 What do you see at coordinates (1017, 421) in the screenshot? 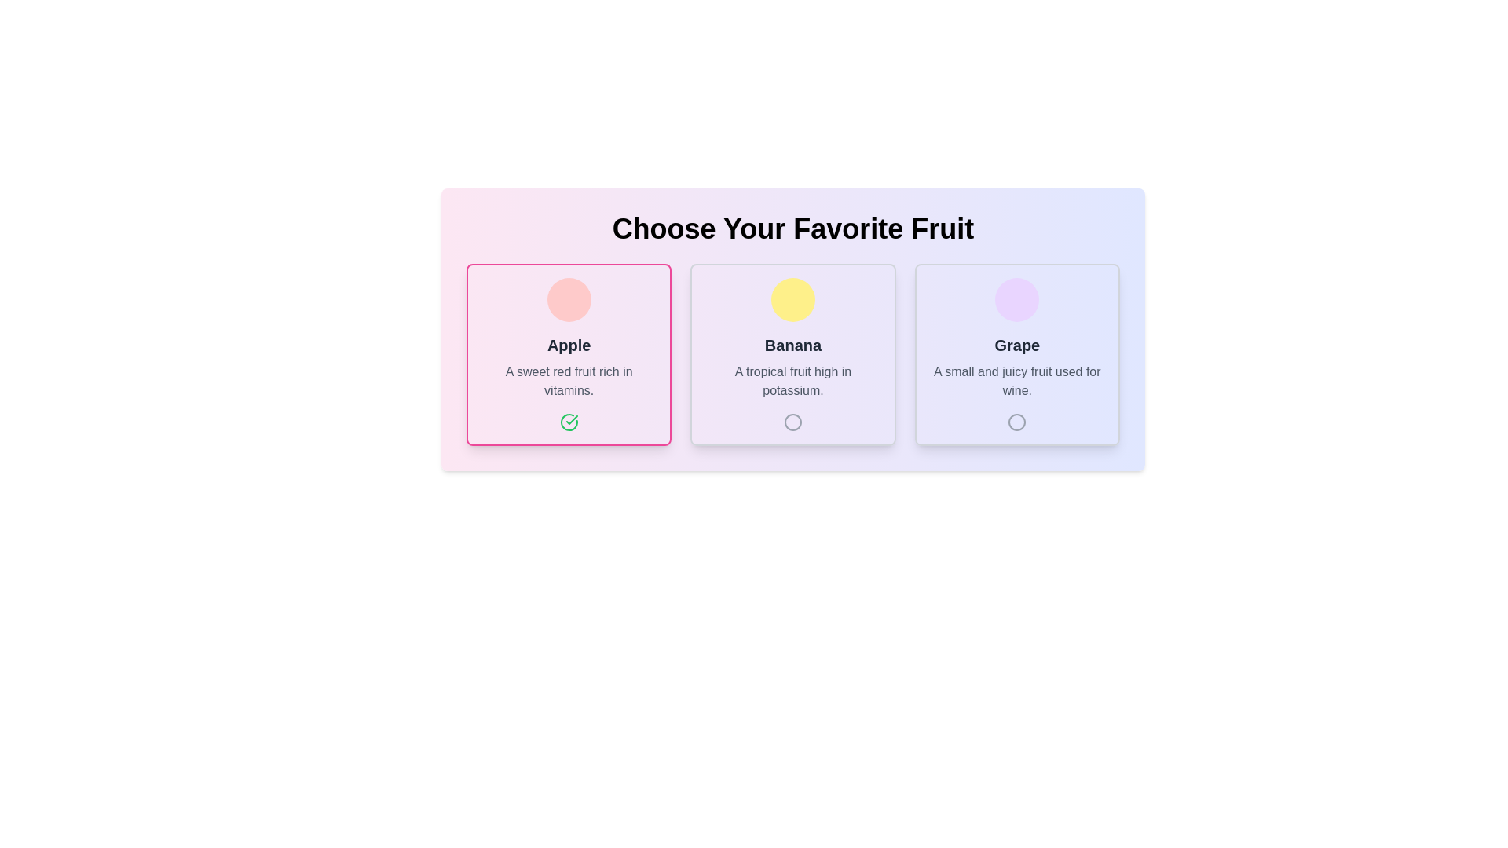
I see `the radio button (circle indicator) located centrally below the 'Grape' card in the third column of the fruit selection interface to indicate focus` at bounding box center [1017, 421].